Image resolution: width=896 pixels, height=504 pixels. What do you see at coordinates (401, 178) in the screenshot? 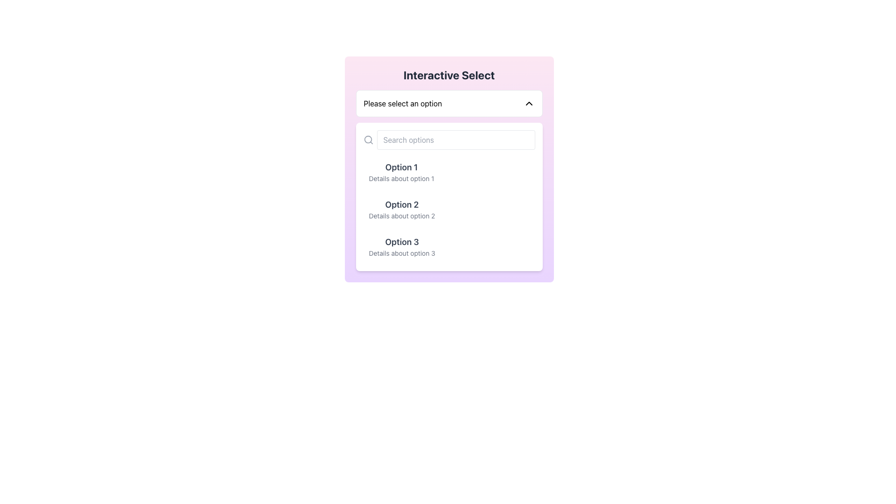
I see `the text label reading 'Details about option 1' which is styled in a smaller font and light-gray color, positioned beneath the bold 'Option 1' title within the interactive select menu` at bounding box center [401, 178].